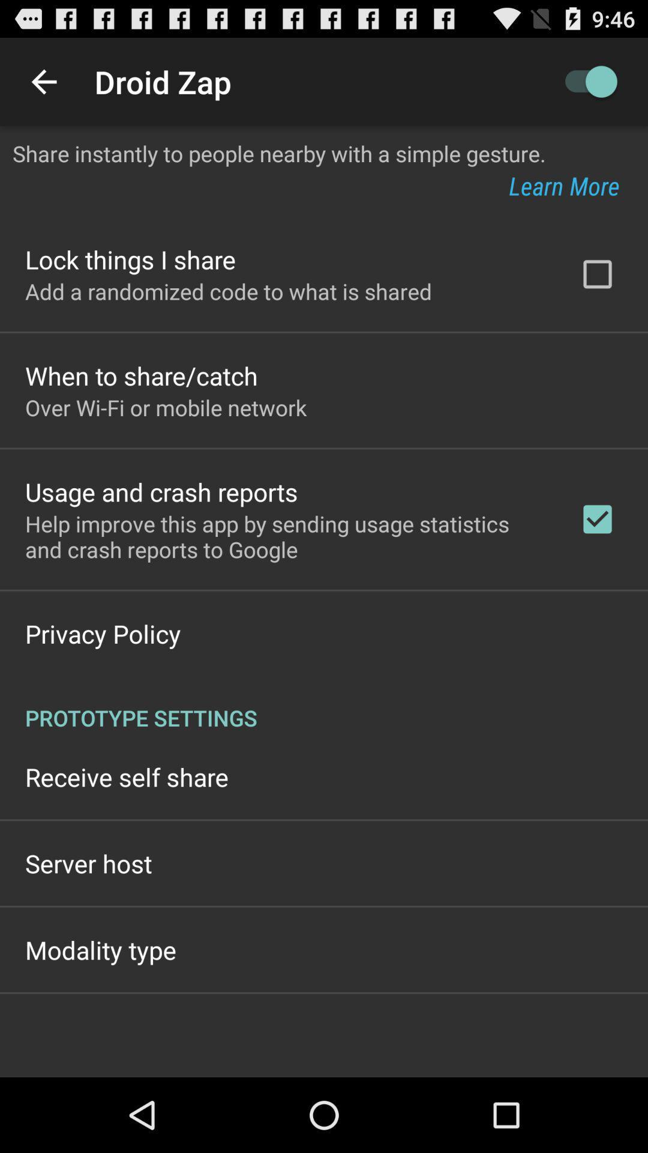  What do you see at coordinates (584, 81) in the screenshot?
I see `item next to the droid zap` at bounding box center [584, 81].